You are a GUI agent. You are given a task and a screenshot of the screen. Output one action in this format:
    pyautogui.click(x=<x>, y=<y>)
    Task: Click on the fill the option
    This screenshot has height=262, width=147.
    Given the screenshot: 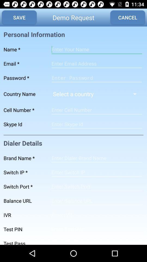 What is the action you would take?
    pyautogui.click(x=96, y=215)
    